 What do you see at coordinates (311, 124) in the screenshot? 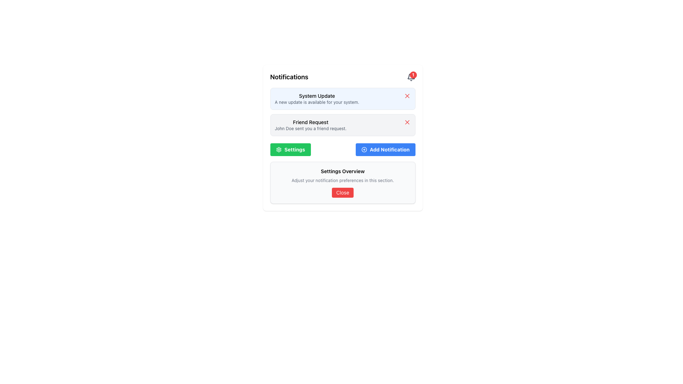
I see `the text label displaying a notification about a friend request sent by John Doe, which is the second notification in the list` at bounding box center [311, 124].